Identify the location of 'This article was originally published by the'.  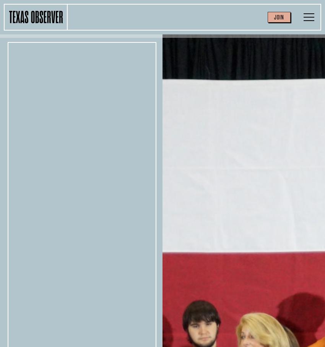
(219, 190).